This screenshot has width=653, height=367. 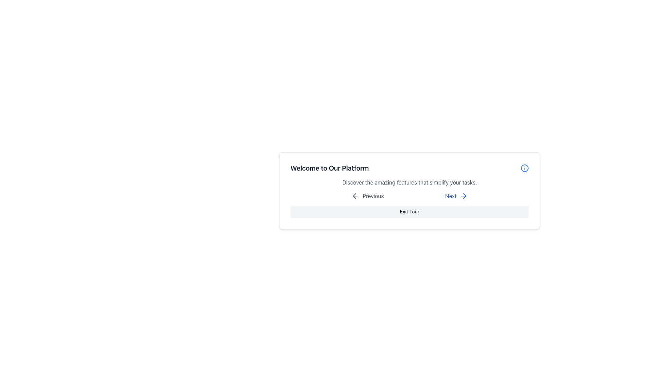 I want to click on the small triangular arrow pointing right, which is part of the 'Next' button at the bottom of the interface, so click(x=464, y=196).